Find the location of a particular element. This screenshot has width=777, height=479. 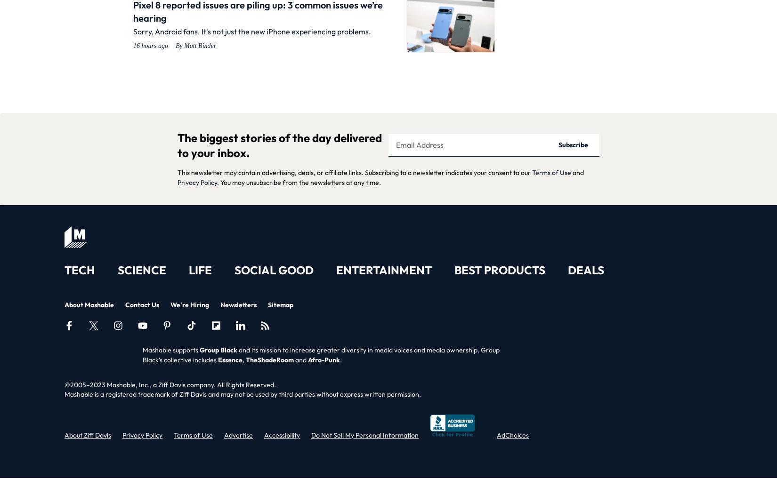

'ENTERTAINMENT' is located at coordinates (383, 270).